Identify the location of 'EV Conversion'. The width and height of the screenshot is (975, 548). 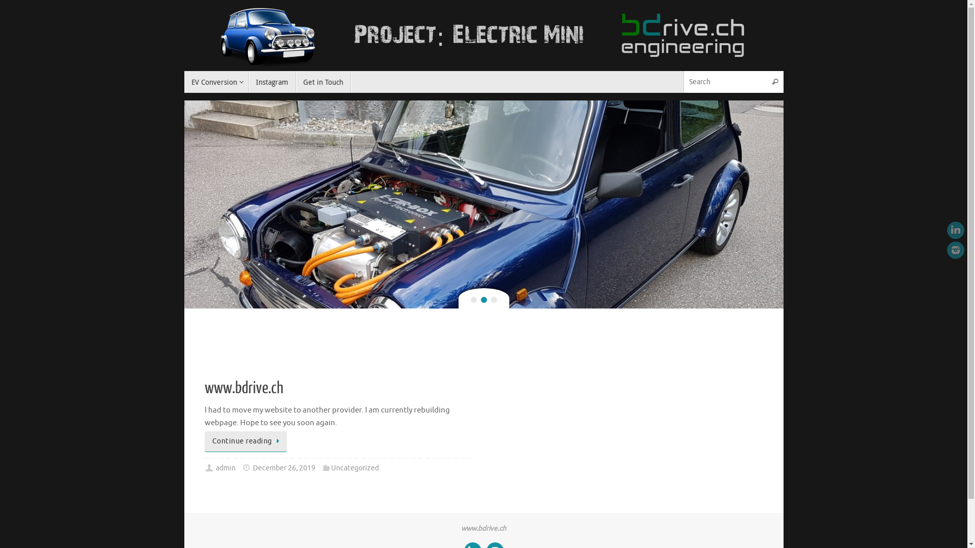
(215, 81).